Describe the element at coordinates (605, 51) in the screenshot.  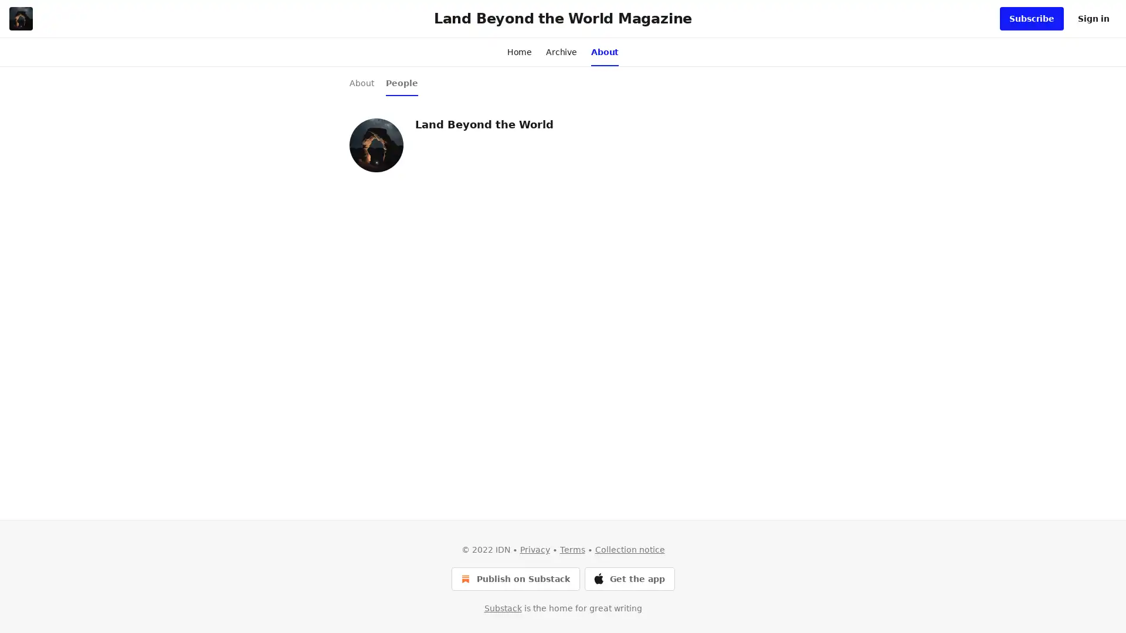
I see `About` at that location.